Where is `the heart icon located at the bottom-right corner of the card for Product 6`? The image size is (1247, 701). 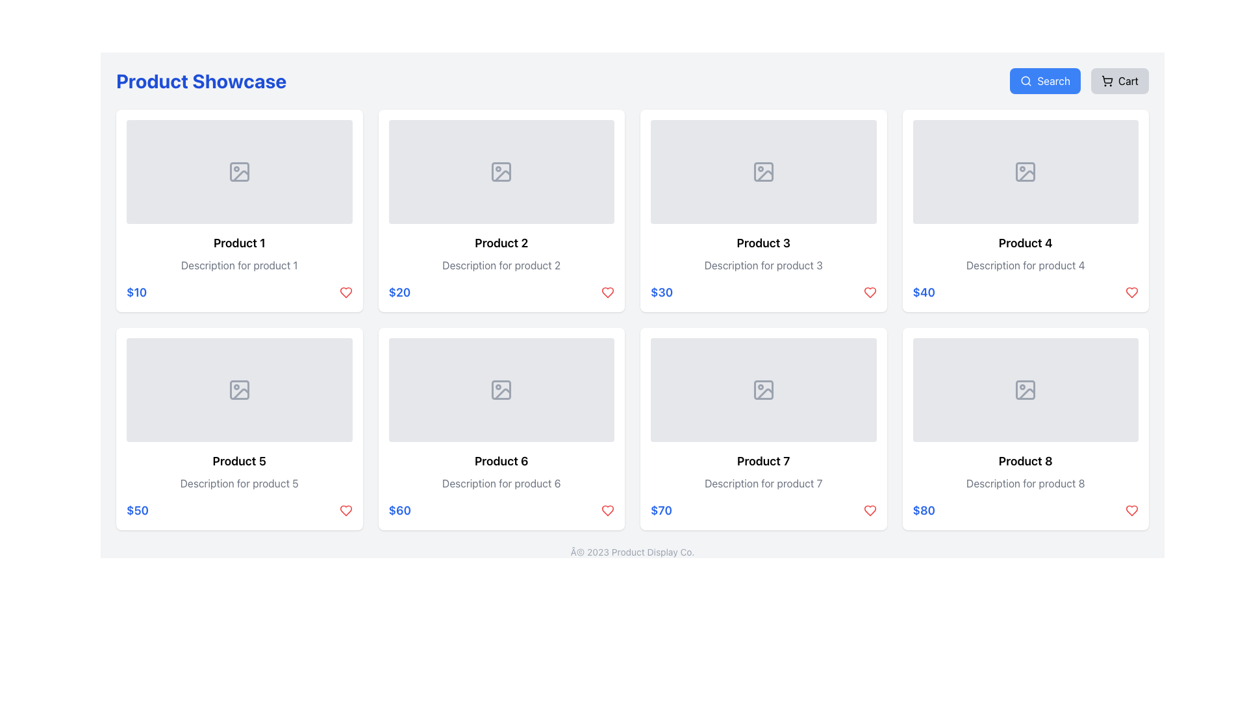 the heart icon located at the bottom-right corner of the card for Product 6 is located at coordinates (346, 510).